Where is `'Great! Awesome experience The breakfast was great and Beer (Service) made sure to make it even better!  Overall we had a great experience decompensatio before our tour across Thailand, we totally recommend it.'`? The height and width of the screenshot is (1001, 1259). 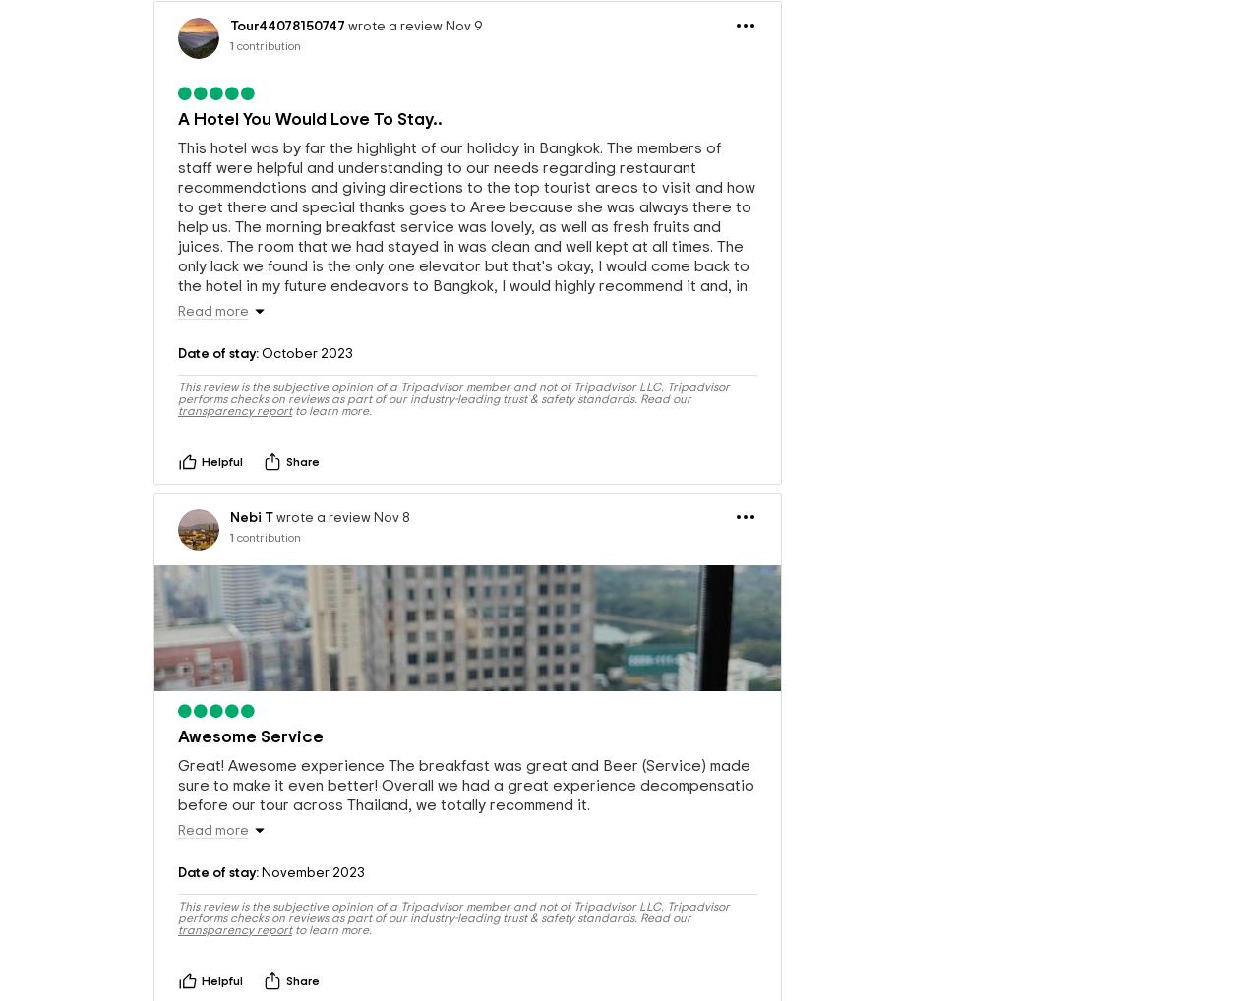
'Great! Awesome experience The breakfast was great and Beer (Service) made sure to make it even better!  Overall we had a great experience decompensatio before our tour across Thailand, we totally recommend it.' is located at coordinates (177, 837).